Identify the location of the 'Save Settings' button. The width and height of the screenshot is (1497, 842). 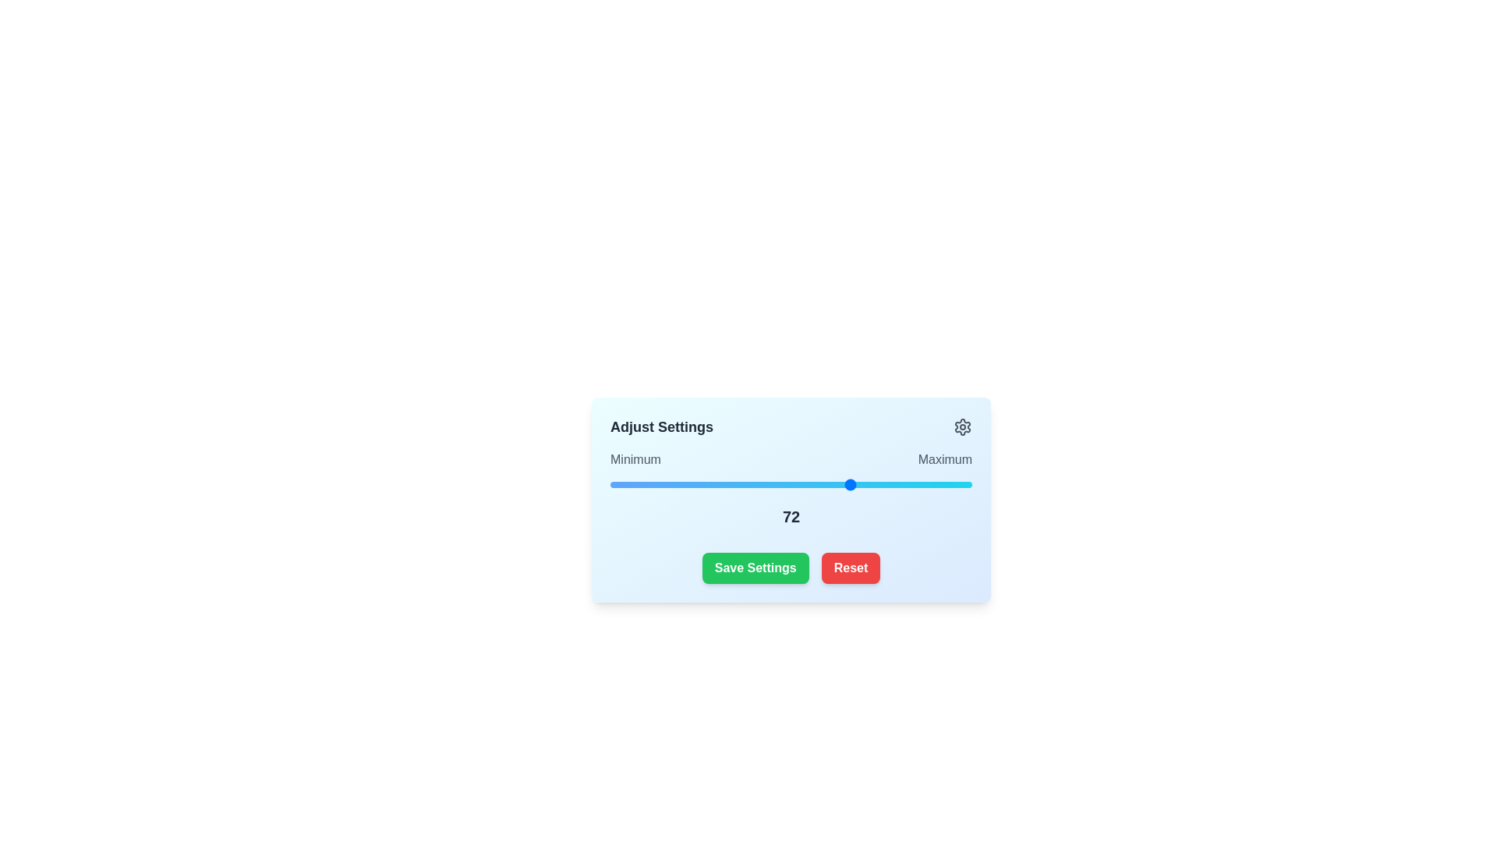
(756, 568).